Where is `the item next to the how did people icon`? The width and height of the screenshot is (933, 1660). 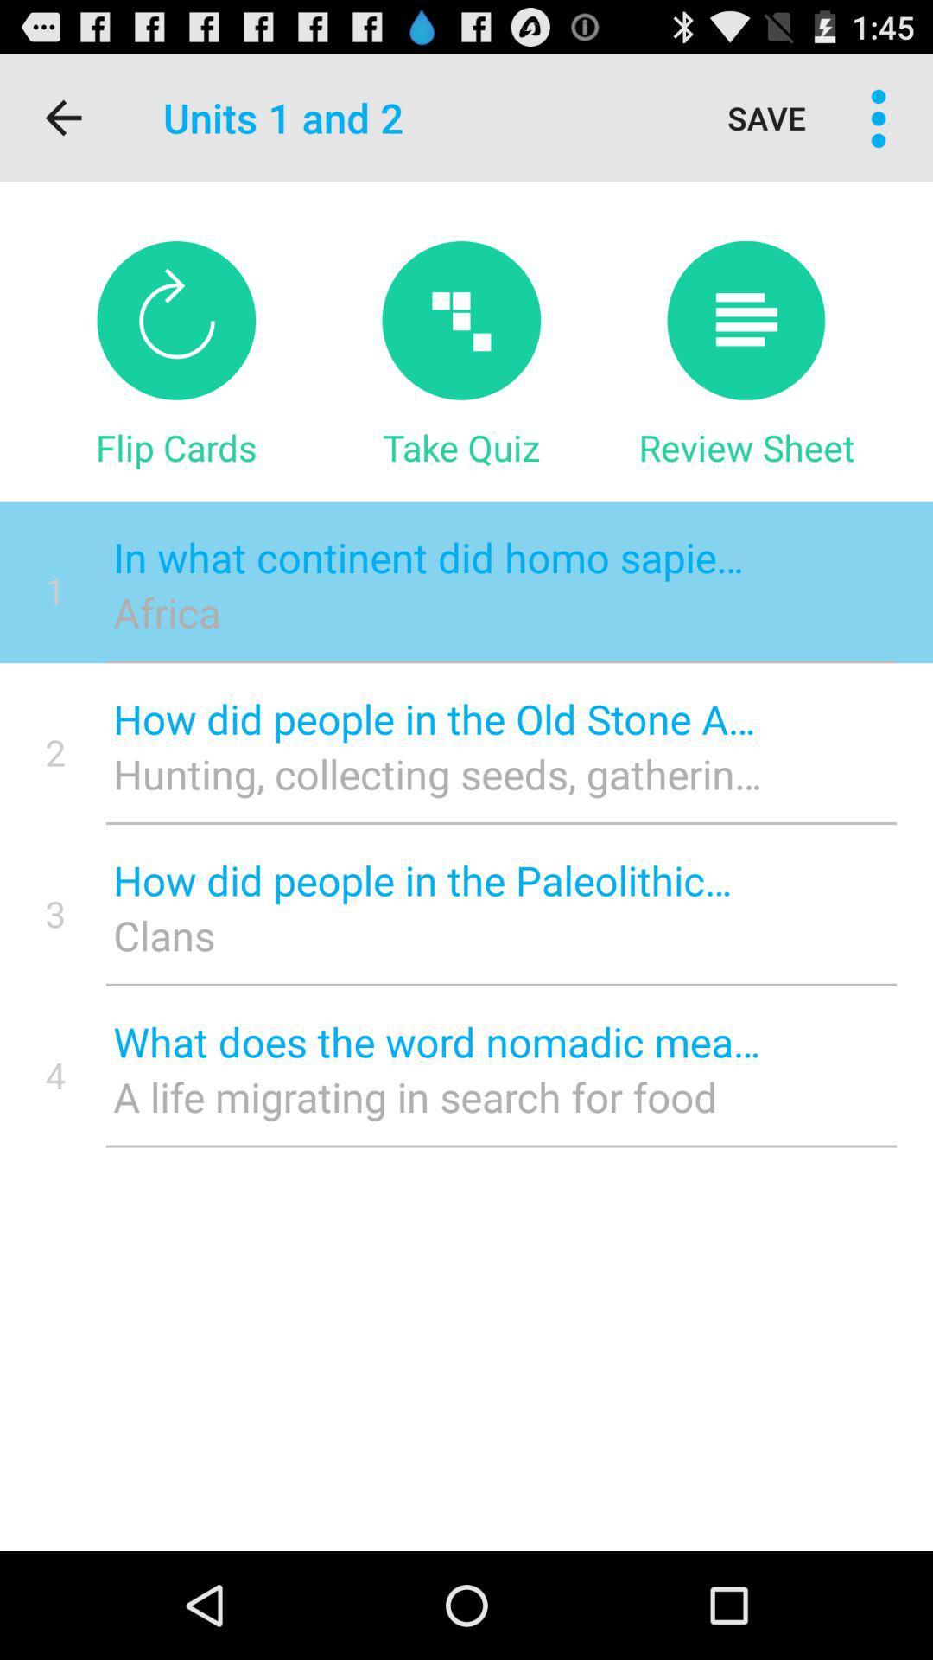 the item next to the how did people icon is located at coordinates (54, 912).